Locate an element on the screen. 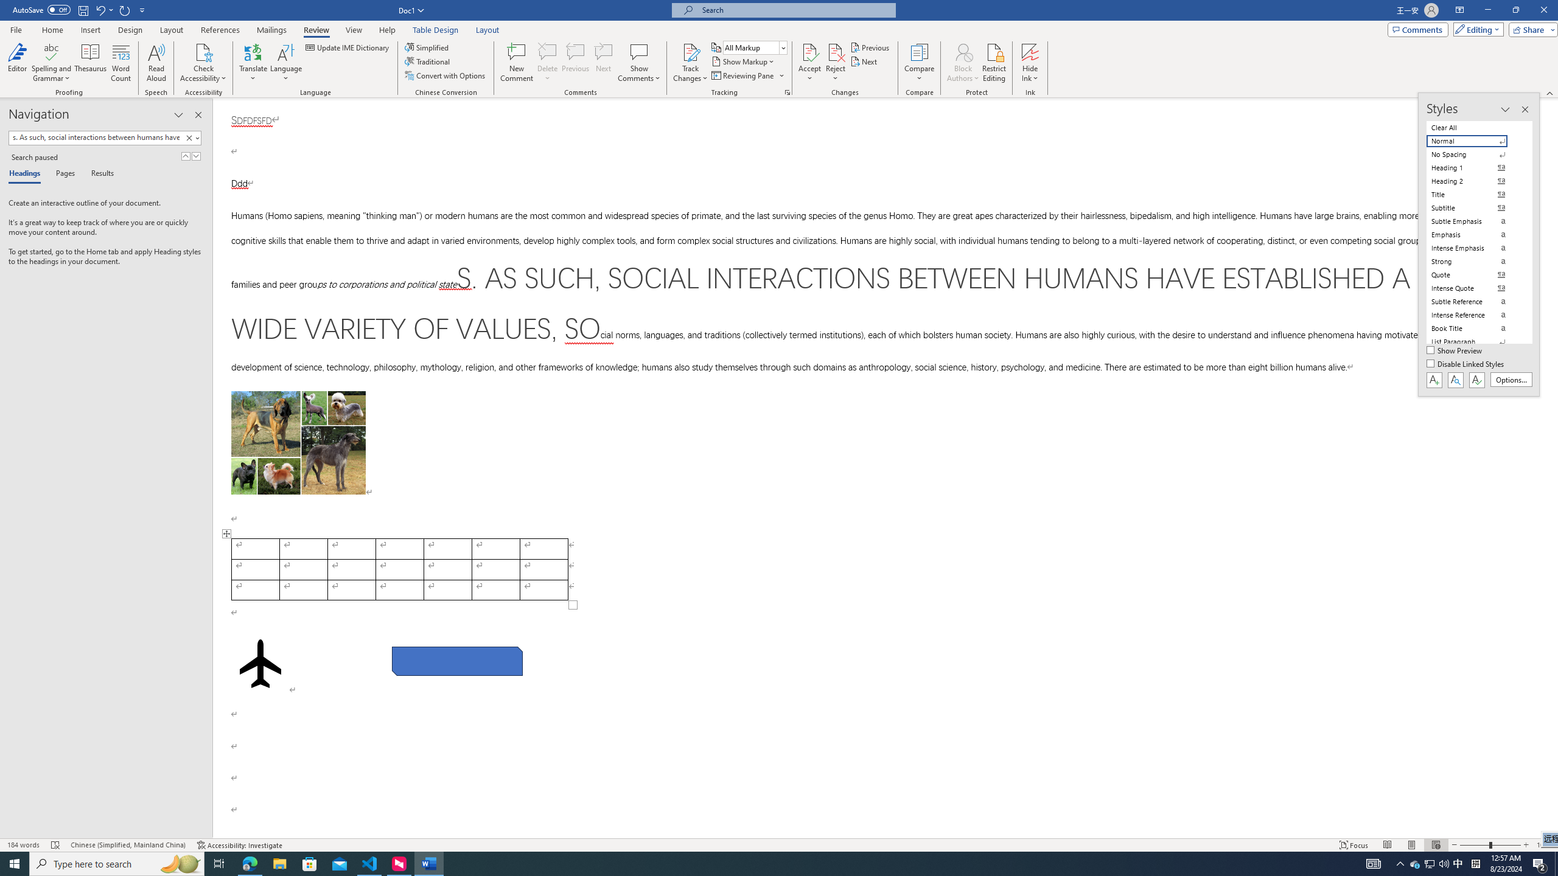 The height and width of the screenshot is (876, 1558). 'Clear' is located at coordinates (190, 137).